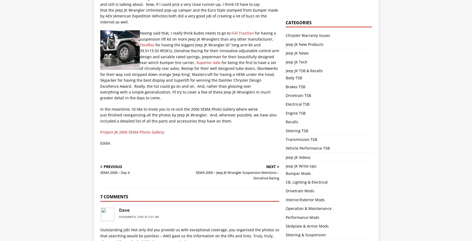 The height and width of the screenshot is (241, 472). I want to click on 'Performance Mods', so click(302, 217).